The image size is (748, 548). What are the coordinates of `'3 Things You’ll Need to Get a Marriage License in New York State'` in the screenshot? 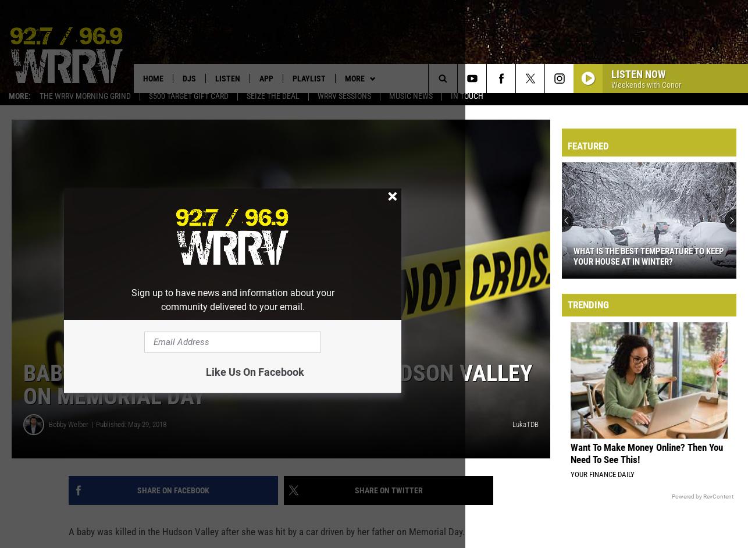 It's located at (643, 262).